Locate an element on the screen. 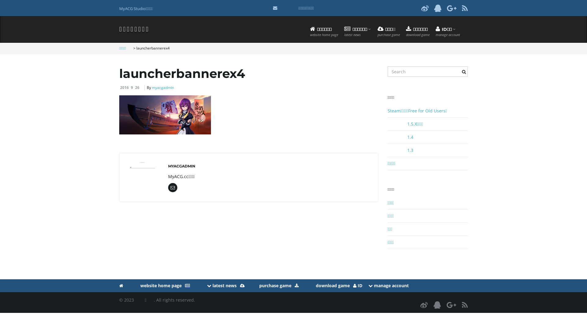 This screenshot has height=330, width=587. 'Subscribe MyACG Studio RSS' is located at coordinates (465, 305).